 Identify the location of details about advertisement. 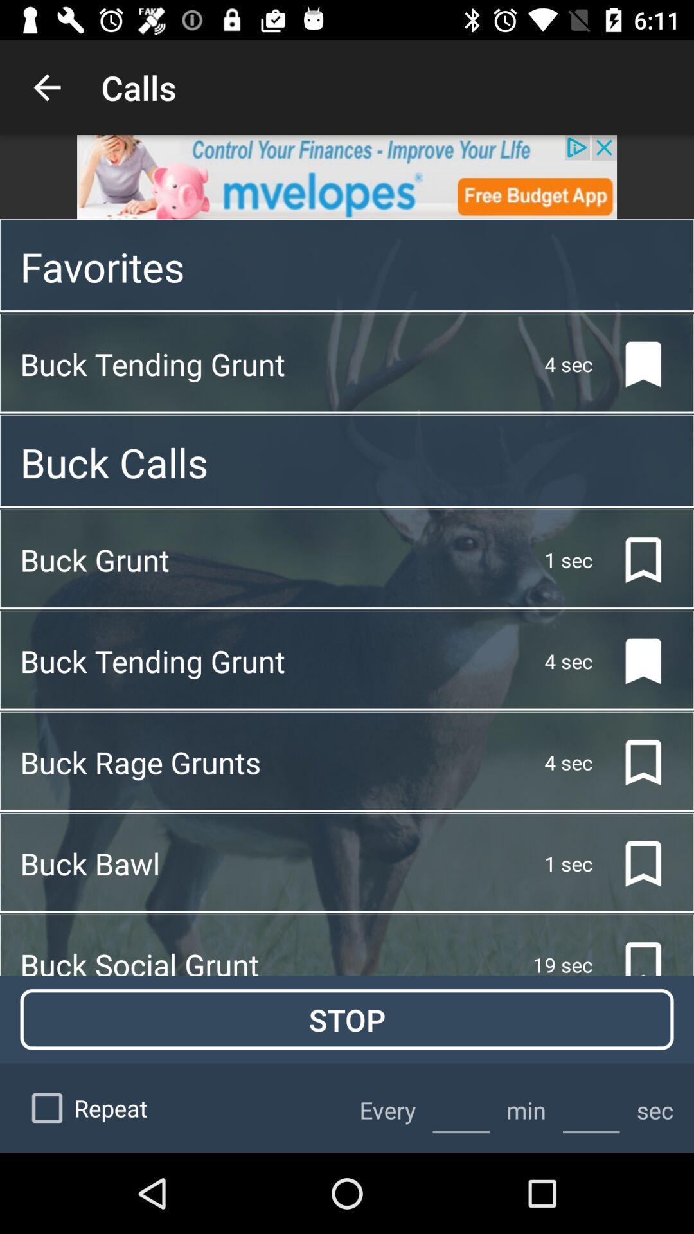
(347, 176).